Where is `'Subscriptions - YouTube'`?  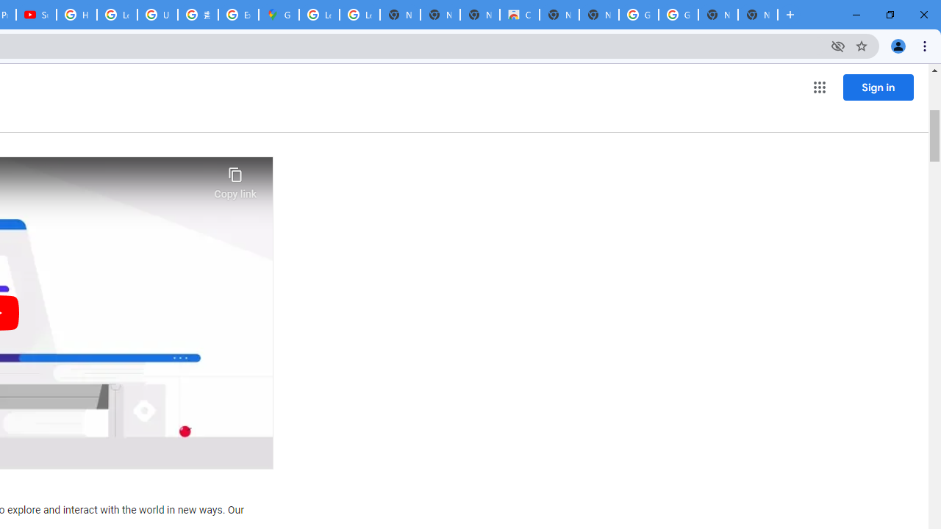 'Subscriptions - YouTube' is located at coordinates (36, 15).